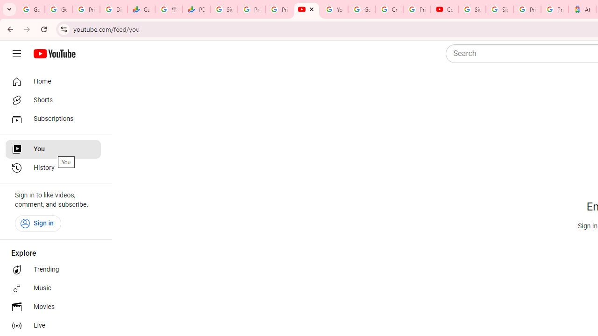 Image resolution: width=598 pixels, height=336 pixels. Describe the element at coordinates (16, 54) in the screenshot. I see `'Guide'` at that location.